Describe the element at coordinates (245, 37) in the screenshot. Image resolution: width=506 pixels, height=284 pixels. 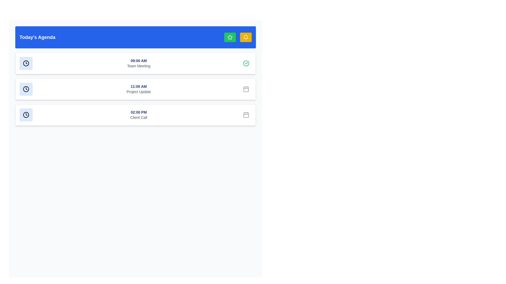
I see `the yellow button with a bell icon located in the top-right section of the interface` at that location.